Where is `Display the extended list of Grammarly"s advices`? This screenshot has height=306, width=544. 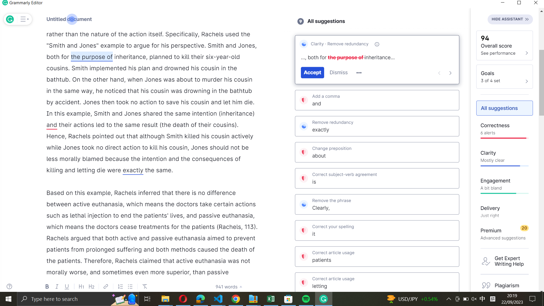 Display the extended list of Grammarly"s advices is located at coordinates (23, 19).